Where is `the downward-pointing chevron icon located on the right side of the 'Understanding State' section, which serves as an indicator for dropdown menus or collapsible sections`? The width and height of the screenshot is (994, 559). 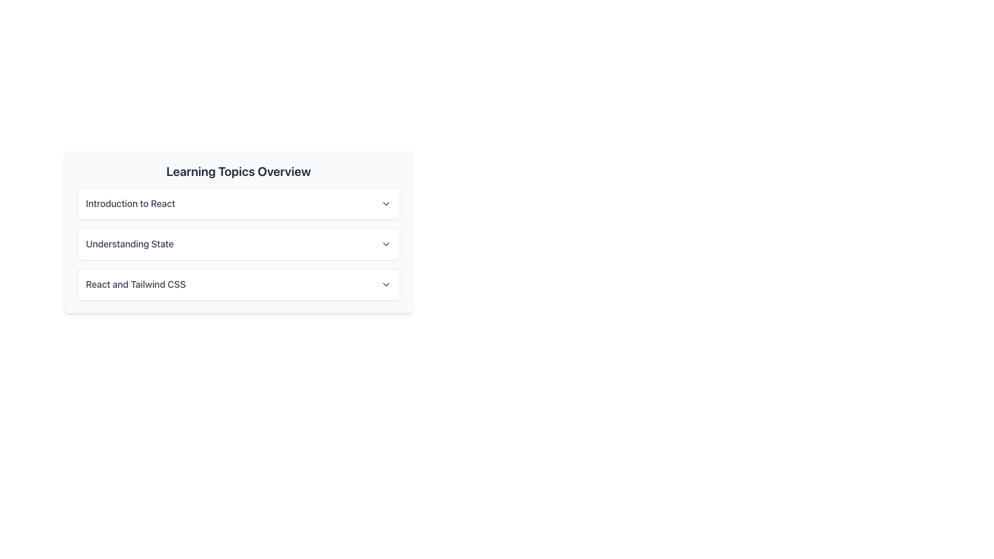
the downward-pointing chevron icon located on the right side of the 'Understanding State' section, which serves as an indicator for dropdown menus or collapsible sections is located at coordinates (385, 244).